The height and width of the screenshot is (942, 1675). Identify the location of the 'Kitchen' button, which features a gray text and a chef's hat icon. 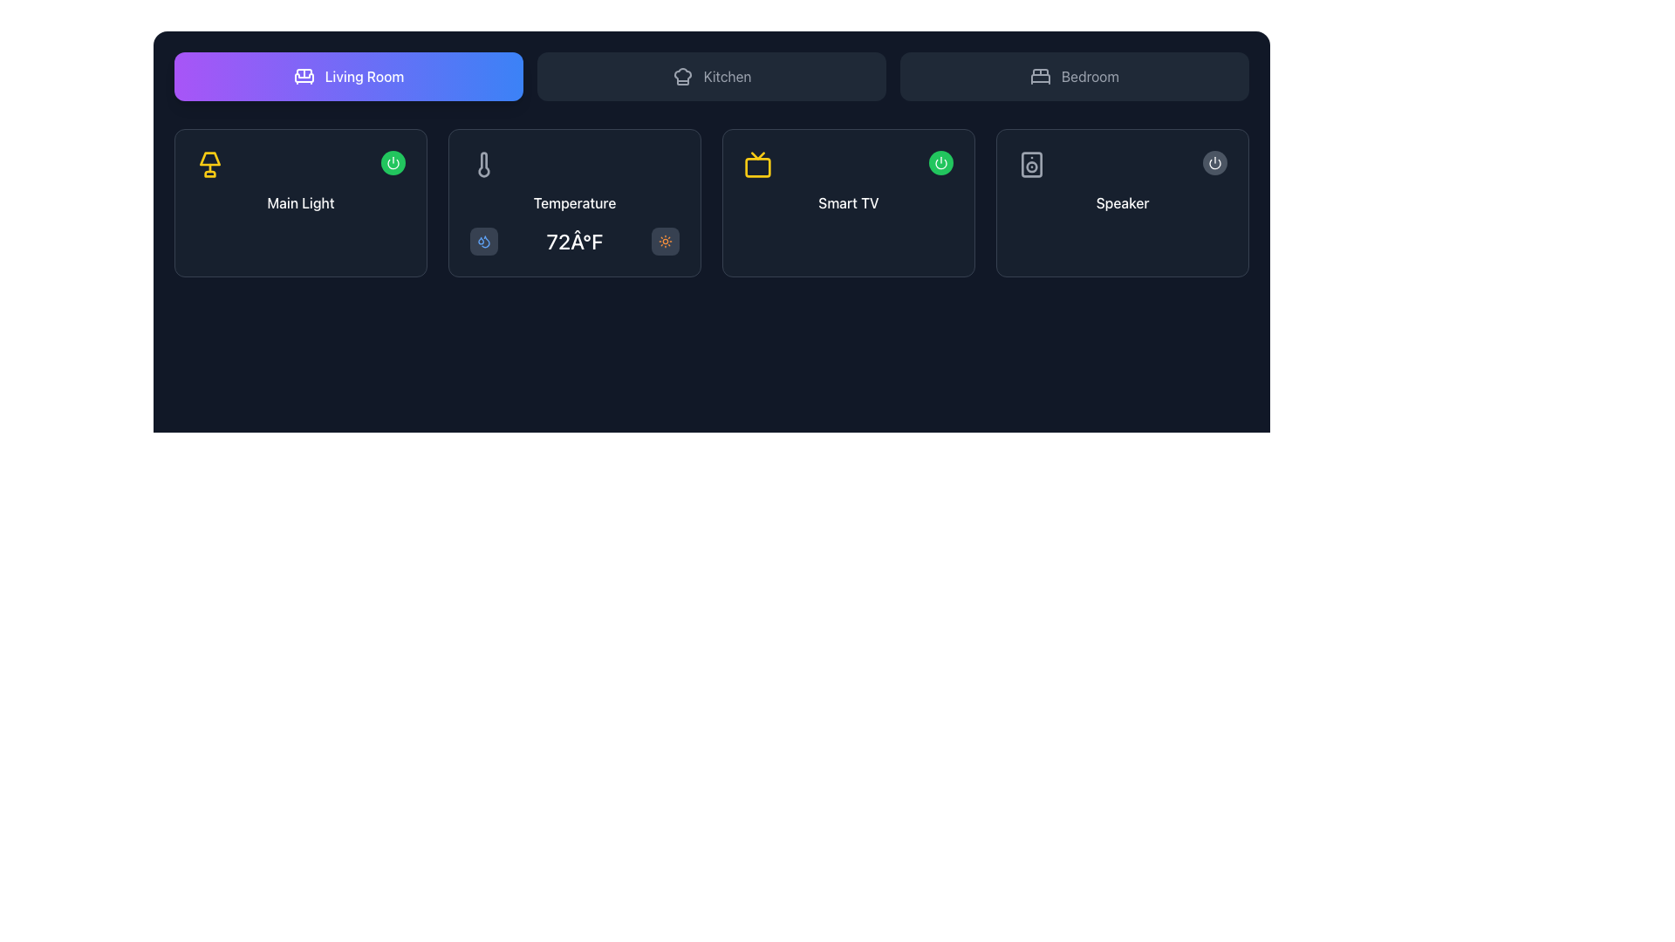
(712, 76).